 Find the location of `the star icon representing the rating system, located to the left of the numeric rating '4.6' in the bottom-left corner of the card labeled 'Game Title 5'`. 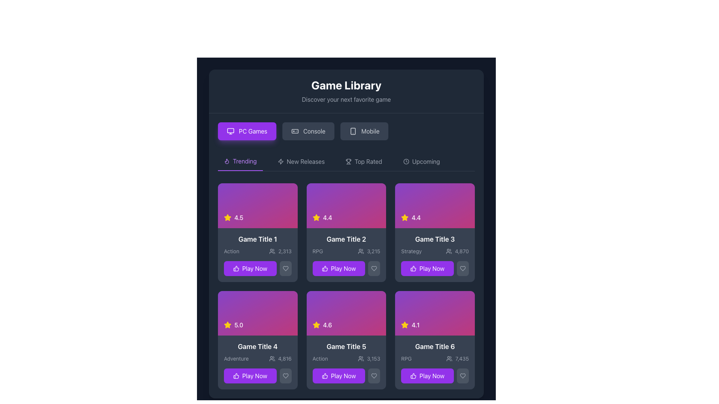

the star icon representing the rating system, located to the left of the numeric rating '4.6' in the bottom-left corner of the card labeled 'Game Title 5' is located at coordinates (316, 325).